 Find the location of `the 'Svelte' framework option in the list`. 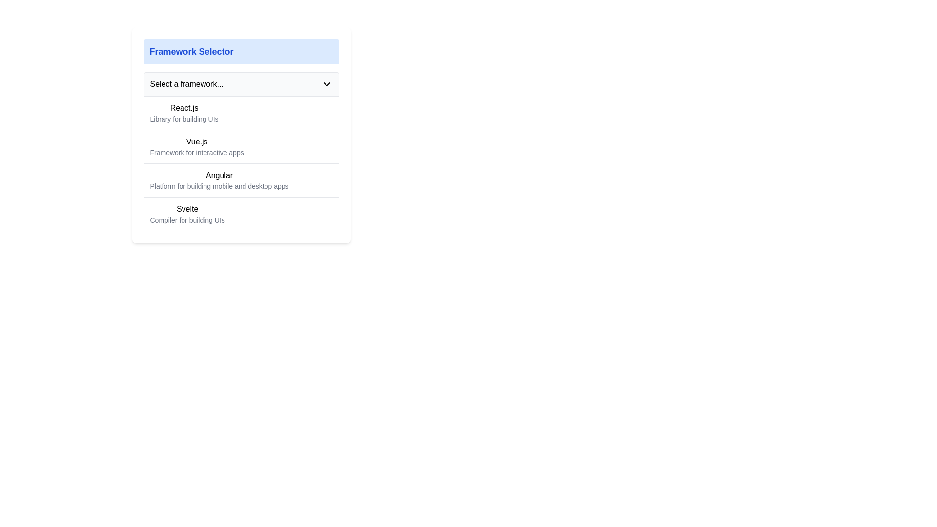

the 'Svelte' framework option in the list is located at coordinates (241, 213).